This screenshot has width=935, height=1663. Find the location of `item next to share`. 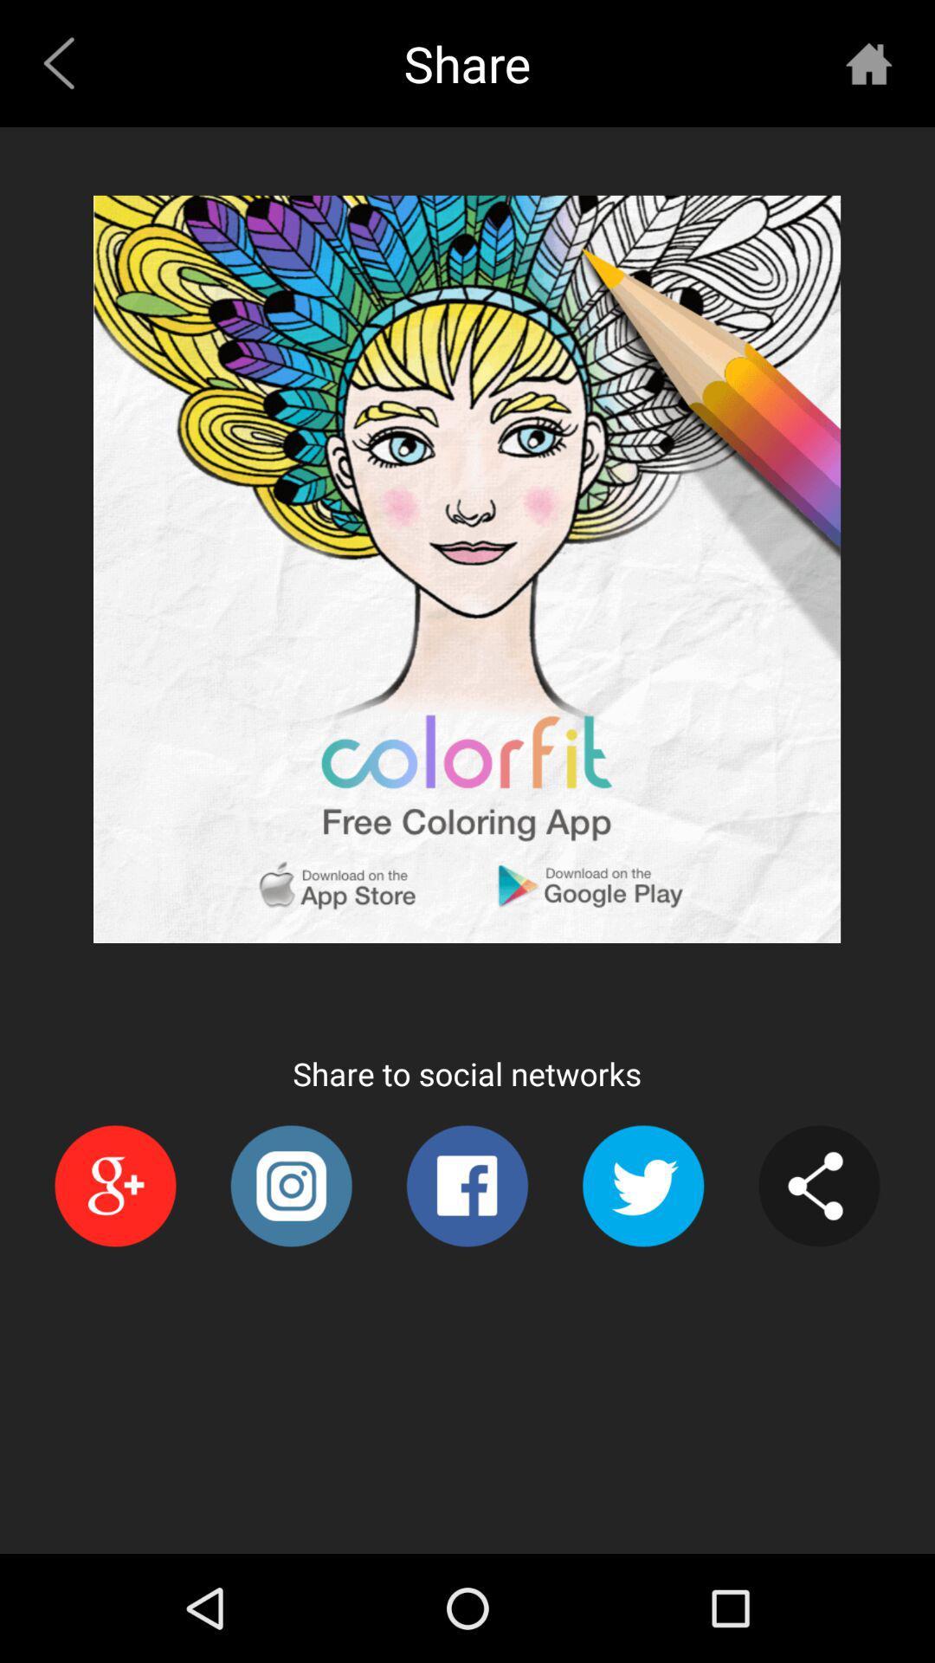

item next to share is located at coordinates (65, 63).